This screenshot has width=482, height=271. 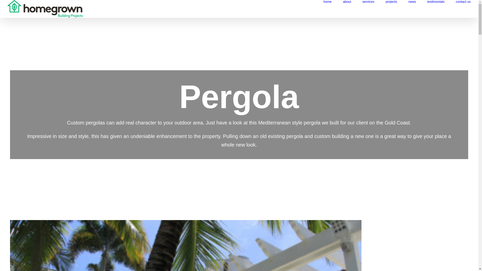 What do you see at coordinates (347, 2) in the screenshot?
I see `'about'` at bounding box center [347, 2].